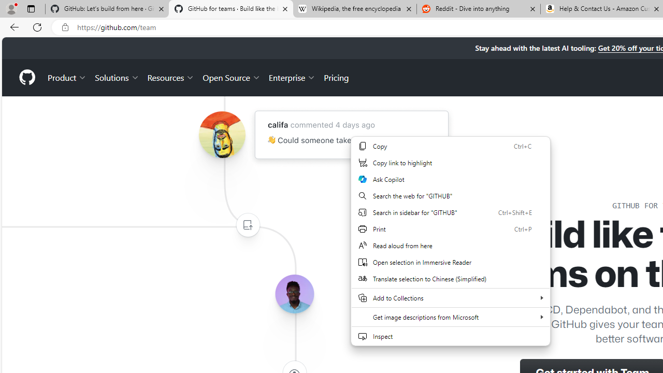 This screenshot has height=373, width=663. What do you see at coordinates (221, 134) in the screenshot?
I see `'Avatar of the user califa'` at bounding box center [221, 134].